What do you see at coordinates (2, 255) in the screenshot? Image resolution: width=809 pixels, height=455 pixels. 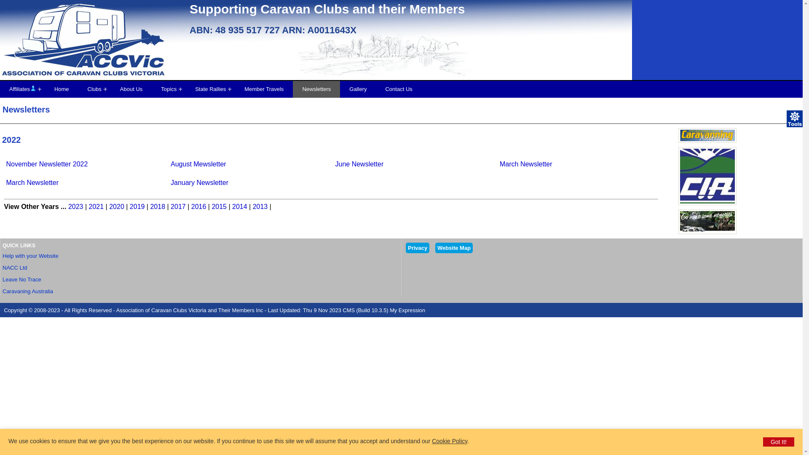 I see `'Help with your Website'` at bounding box center [2, 255].